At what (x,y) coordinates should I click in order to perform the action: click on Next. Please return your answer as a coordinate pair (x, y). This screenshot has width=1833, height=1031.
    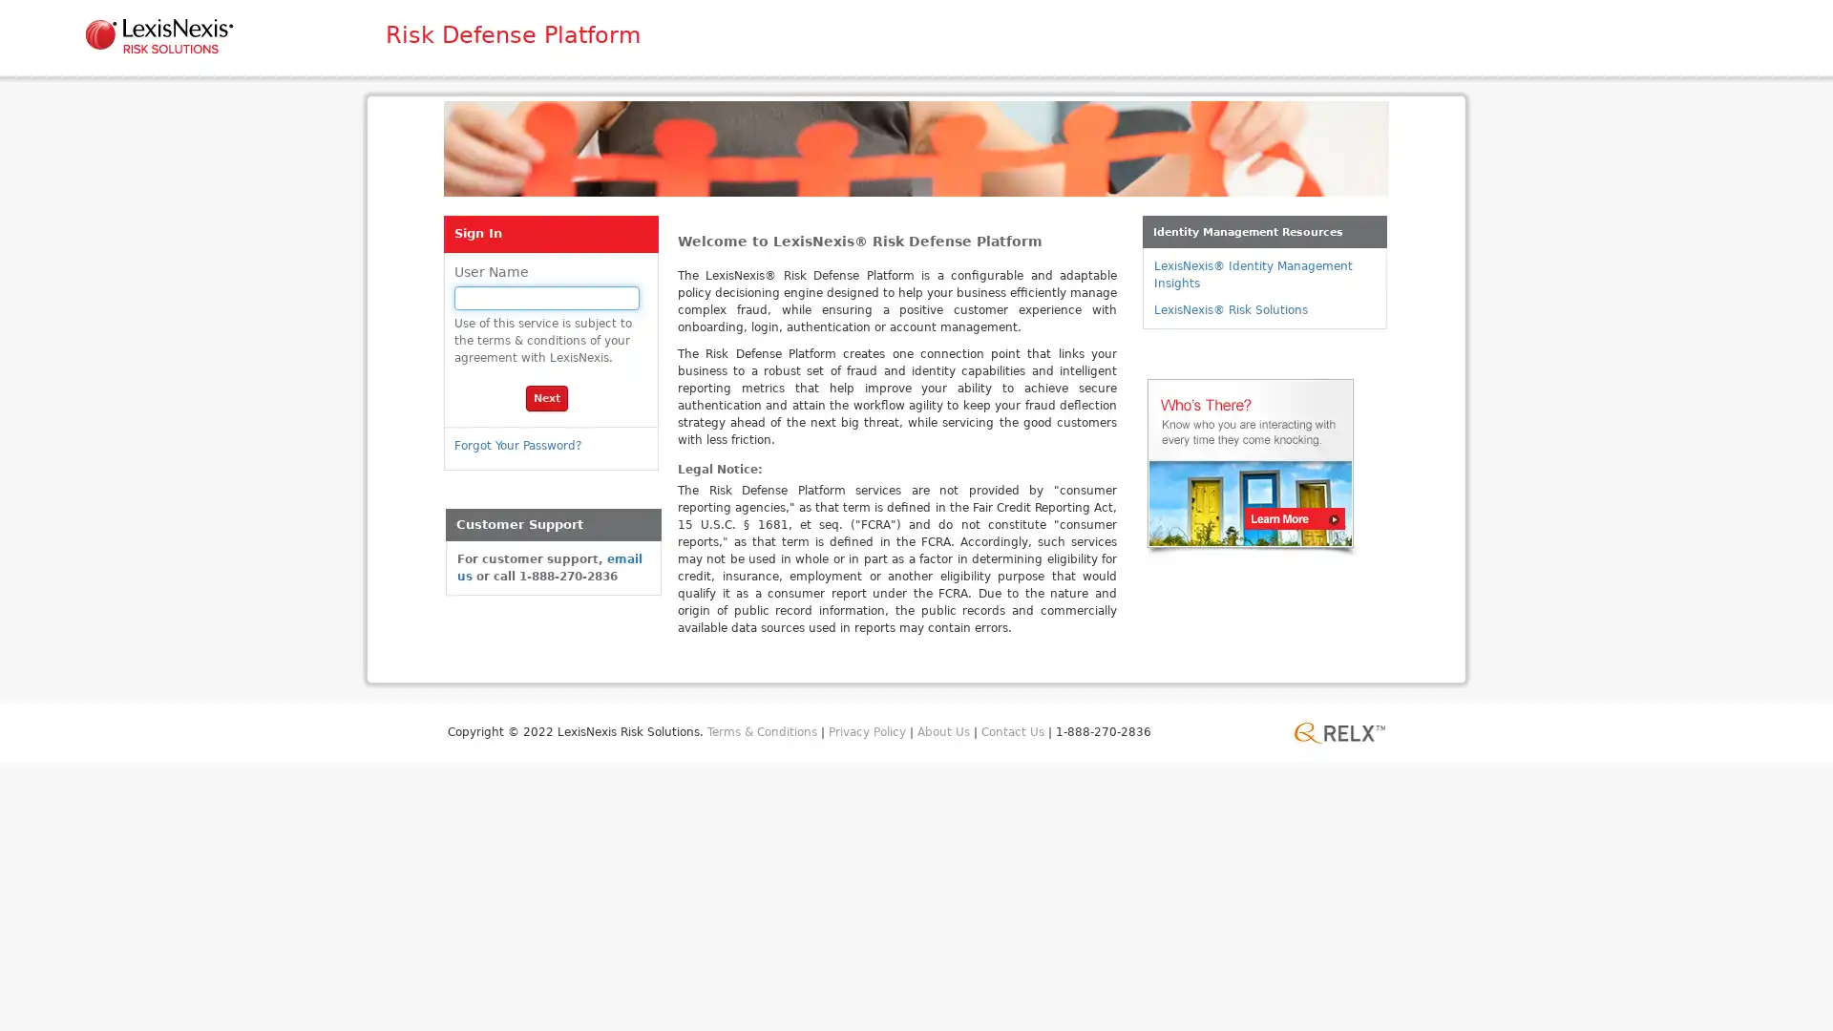
    Looking at the image, I should click on (545, 396).